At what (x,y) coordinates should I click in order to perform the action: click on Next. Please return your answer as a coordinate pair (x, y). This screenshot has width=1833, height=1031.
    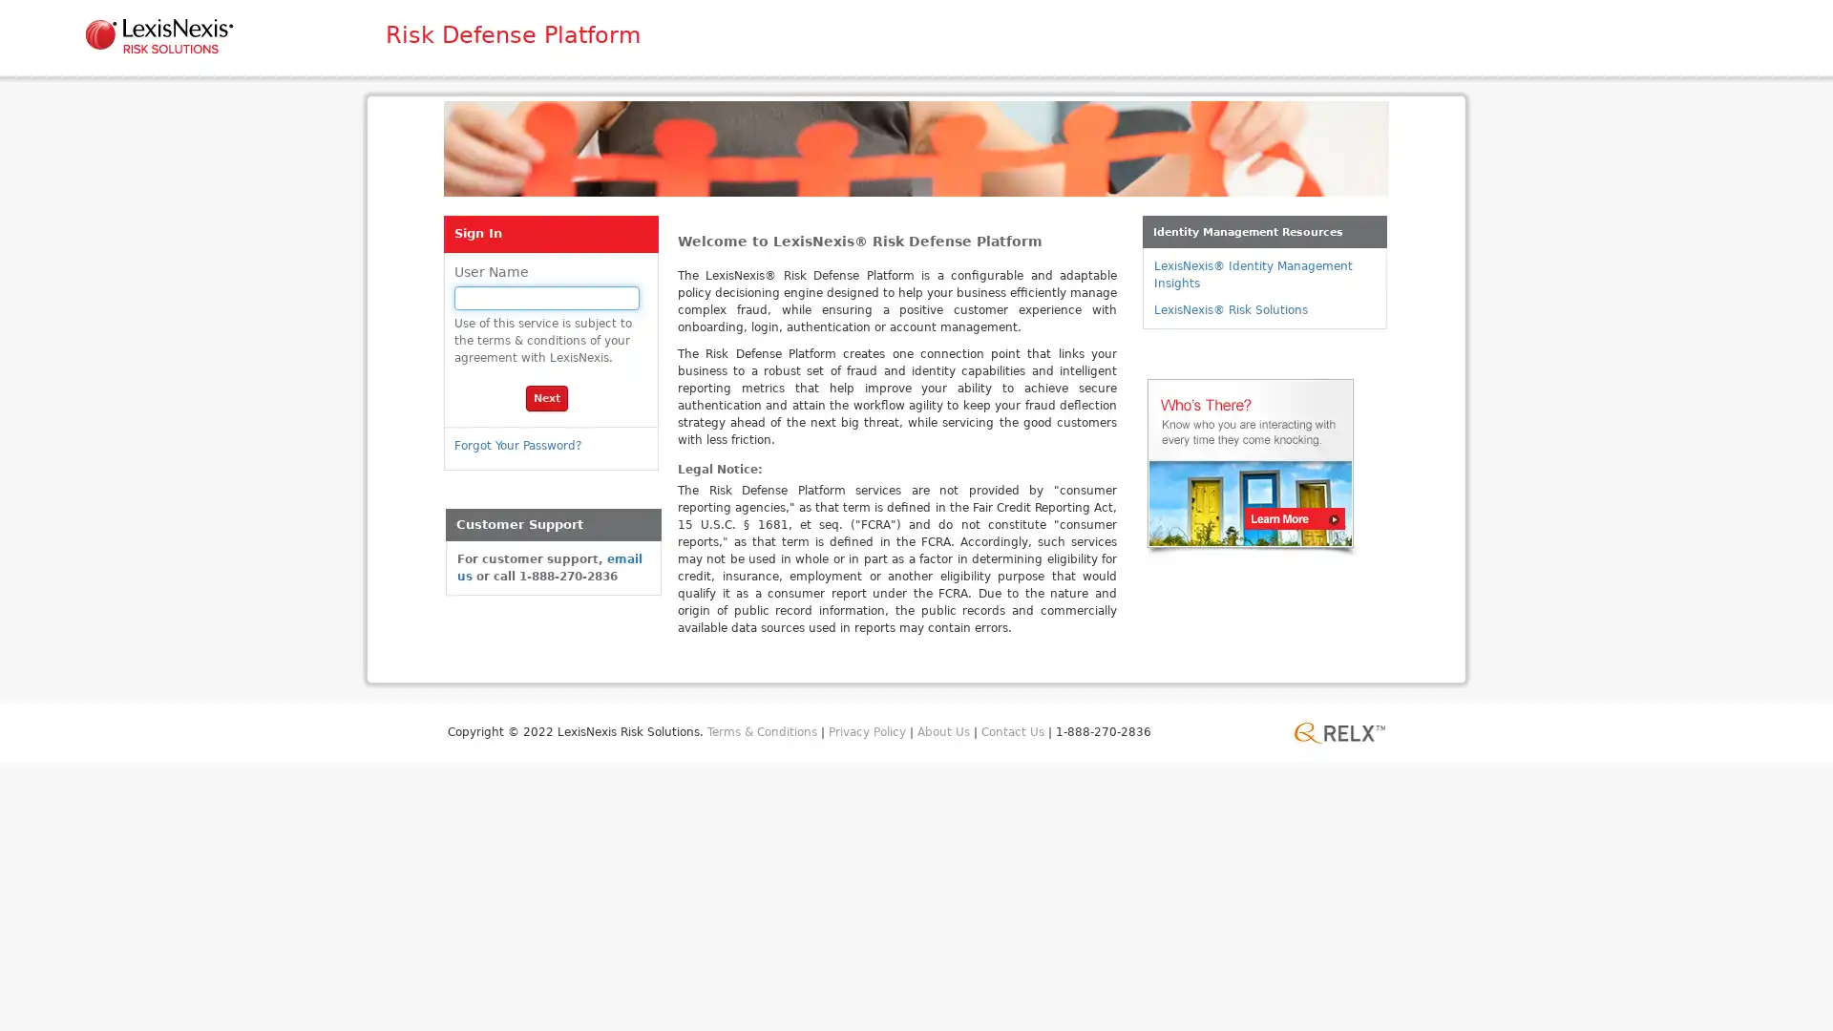
    Looking at the image, I should click on (545, 396).